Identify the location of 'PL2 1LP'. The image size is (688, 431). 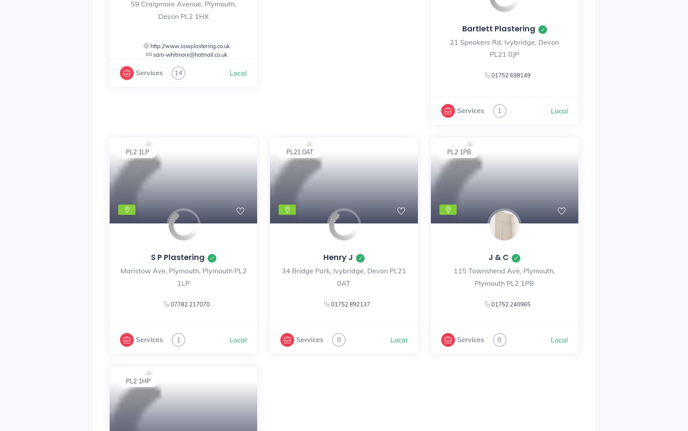
(138, 151).